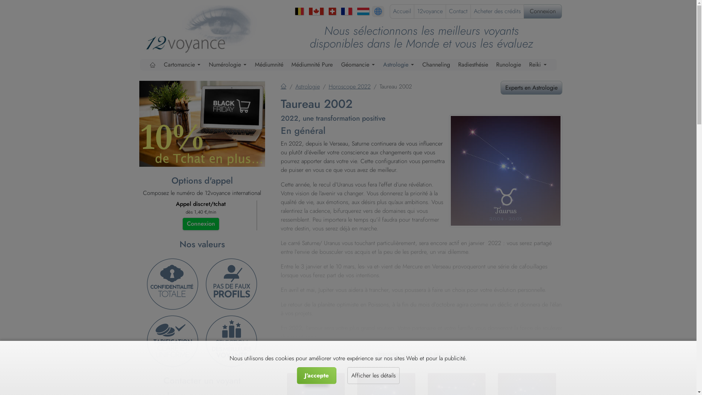 Image resolution: width=702 pixels, height=395 pixels. Describe the element at coordinates (458, 11) in the screenshot. I see `'Contact'` at that location.